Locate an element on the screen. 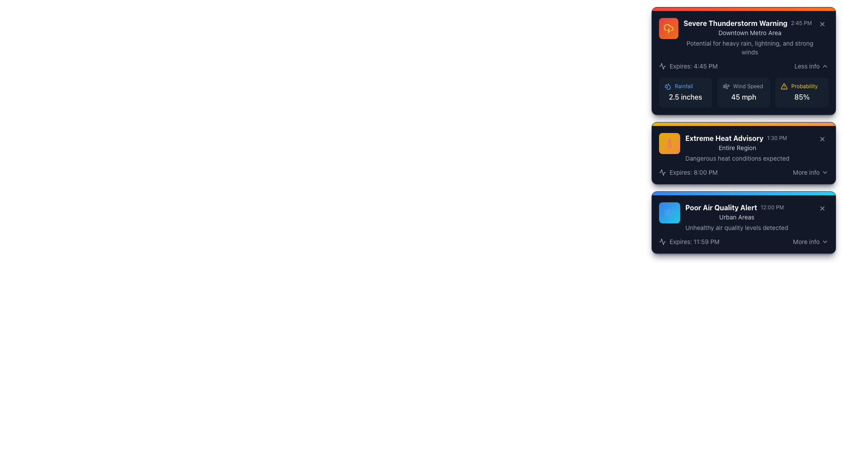 The width and height of the screenshot is (843, 474). the close button located at the top-right corner of the 'Poor Air Quality Alert' notification card is located at coordinates (821, 208).